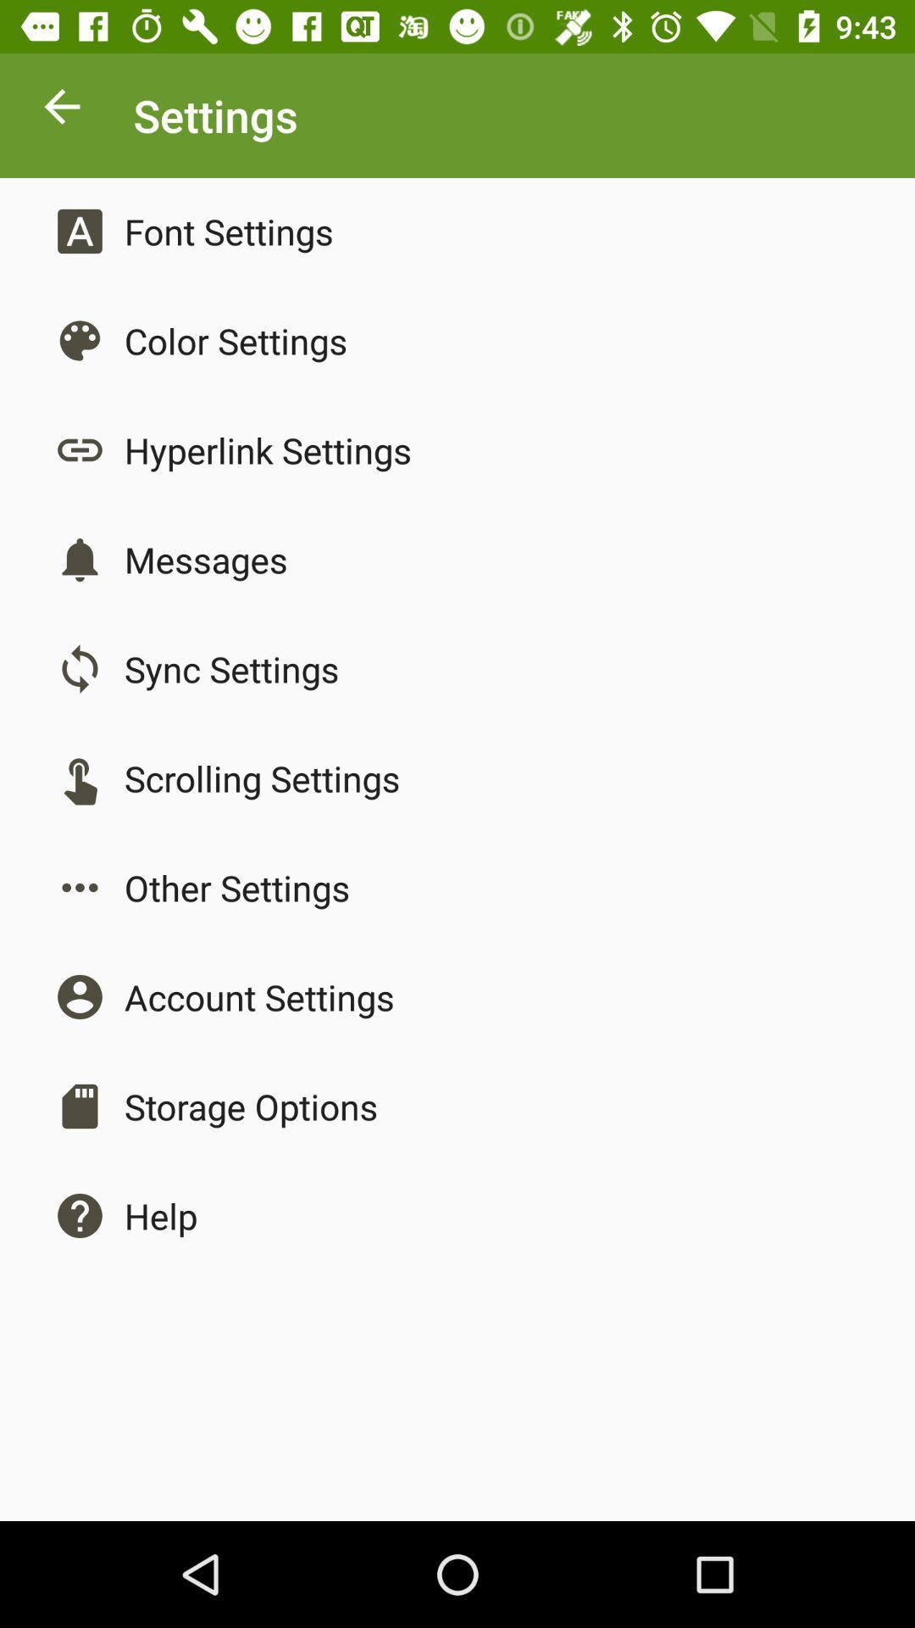  I want to click on hyperlink settings app, so click(267, 450).